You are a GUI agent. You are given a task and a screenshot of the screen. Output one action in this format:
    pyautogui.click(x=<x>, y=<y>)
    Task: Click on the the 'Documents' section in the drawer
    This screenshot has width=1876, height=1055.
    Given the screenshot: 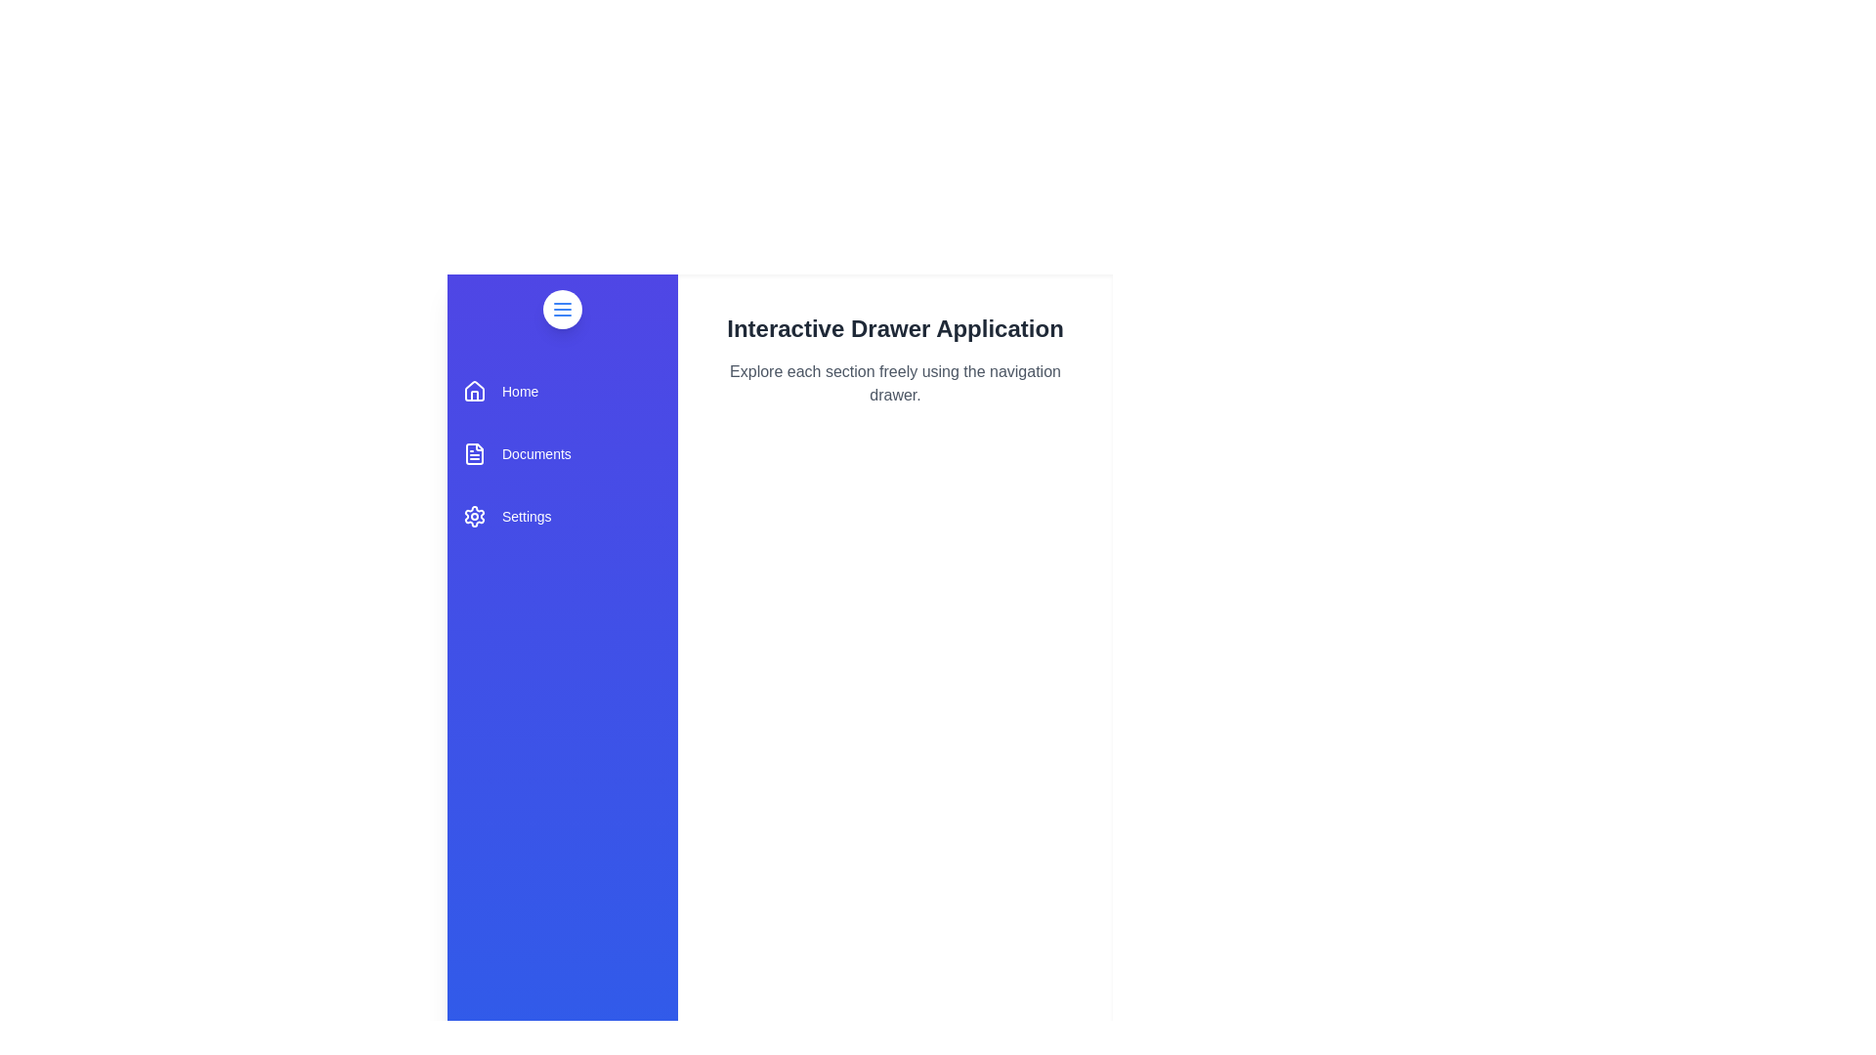 What is the action you would take?
    pyautogui.click(x=562, y=454)
    